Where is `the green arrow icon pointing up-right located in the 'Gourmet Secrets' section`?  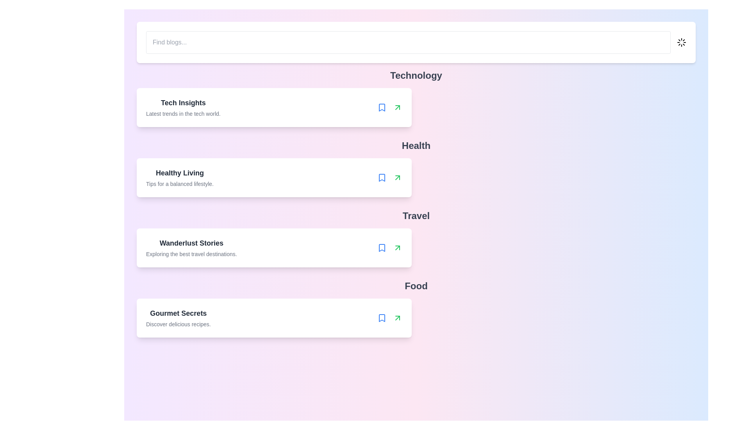
the green arrow icon pointing up-right located in the 'Gourmet Secrets' section is located at coordinates (397, 318).